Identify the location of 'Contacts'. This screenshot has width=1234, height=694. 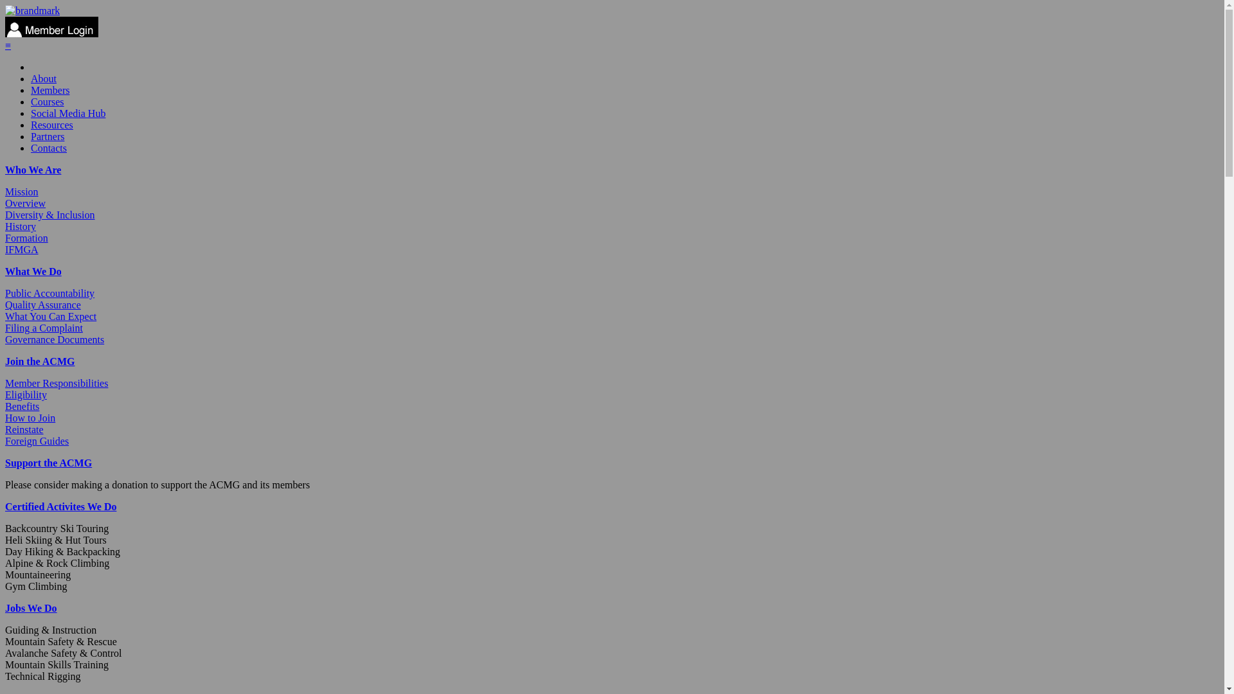
(31, 147).